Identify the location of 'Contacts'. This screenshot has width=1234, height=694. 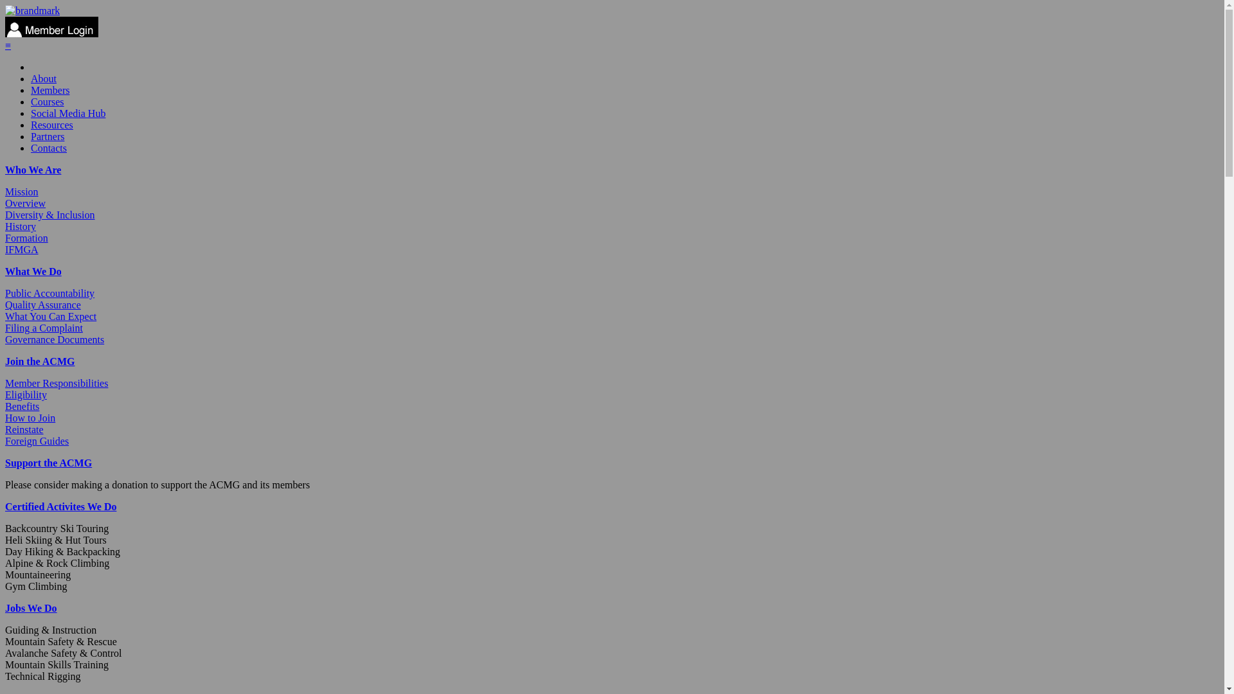
(31, 147).